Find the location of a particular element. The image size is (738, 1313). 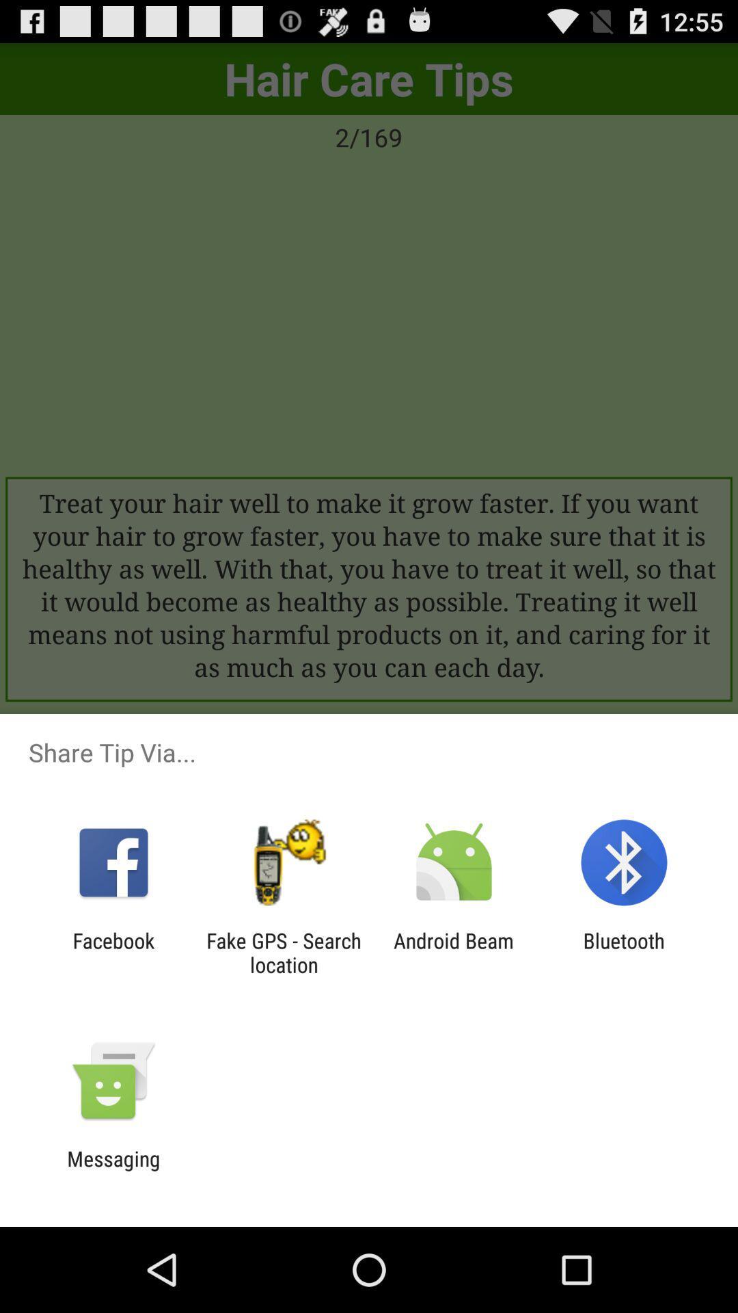

the facebook app is located at coordinates (113, 952).